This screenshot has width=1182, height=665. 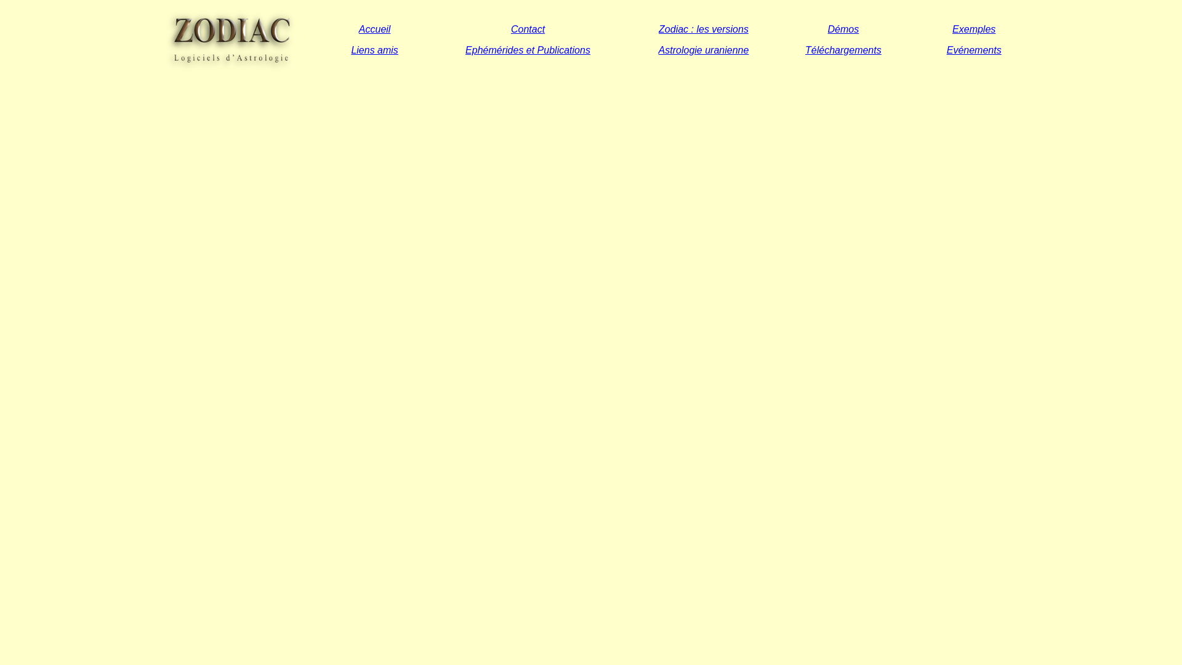 What do you see at coordinates (374, 28) in the screenshot?
I see `'Accueil'` at bounding box center [374, 28].